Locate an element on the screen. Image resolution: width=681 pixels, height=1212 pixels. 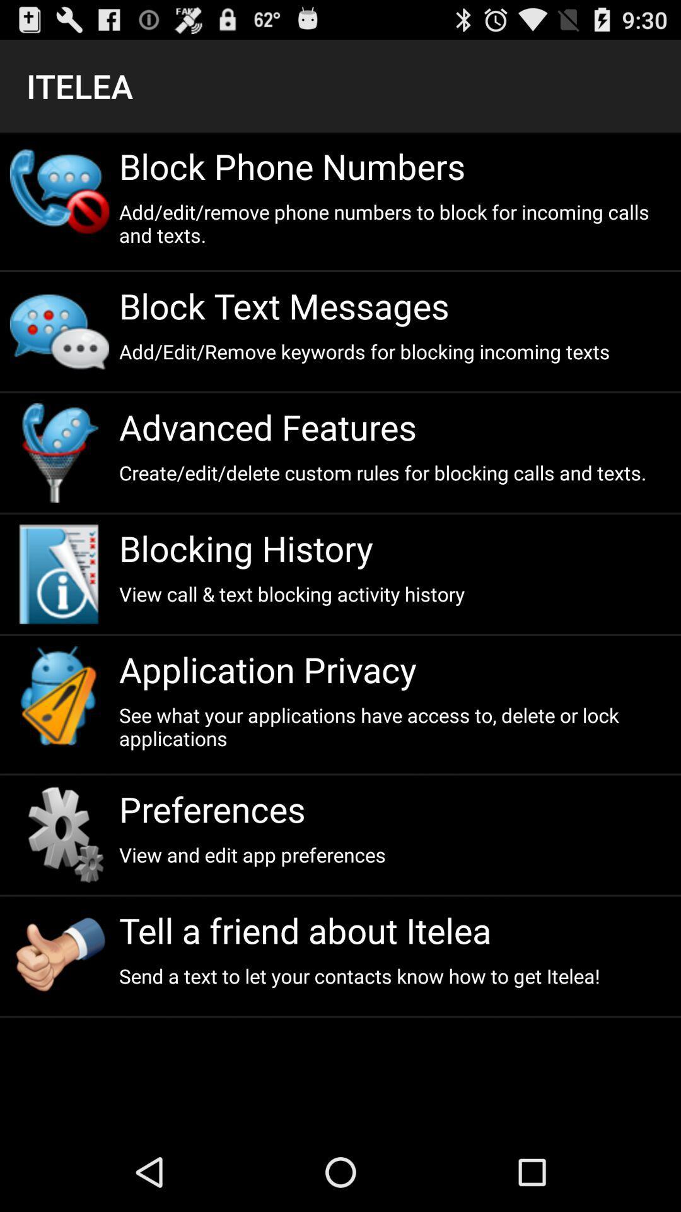
the icon below view call text item is located at coordinates (394, 668).